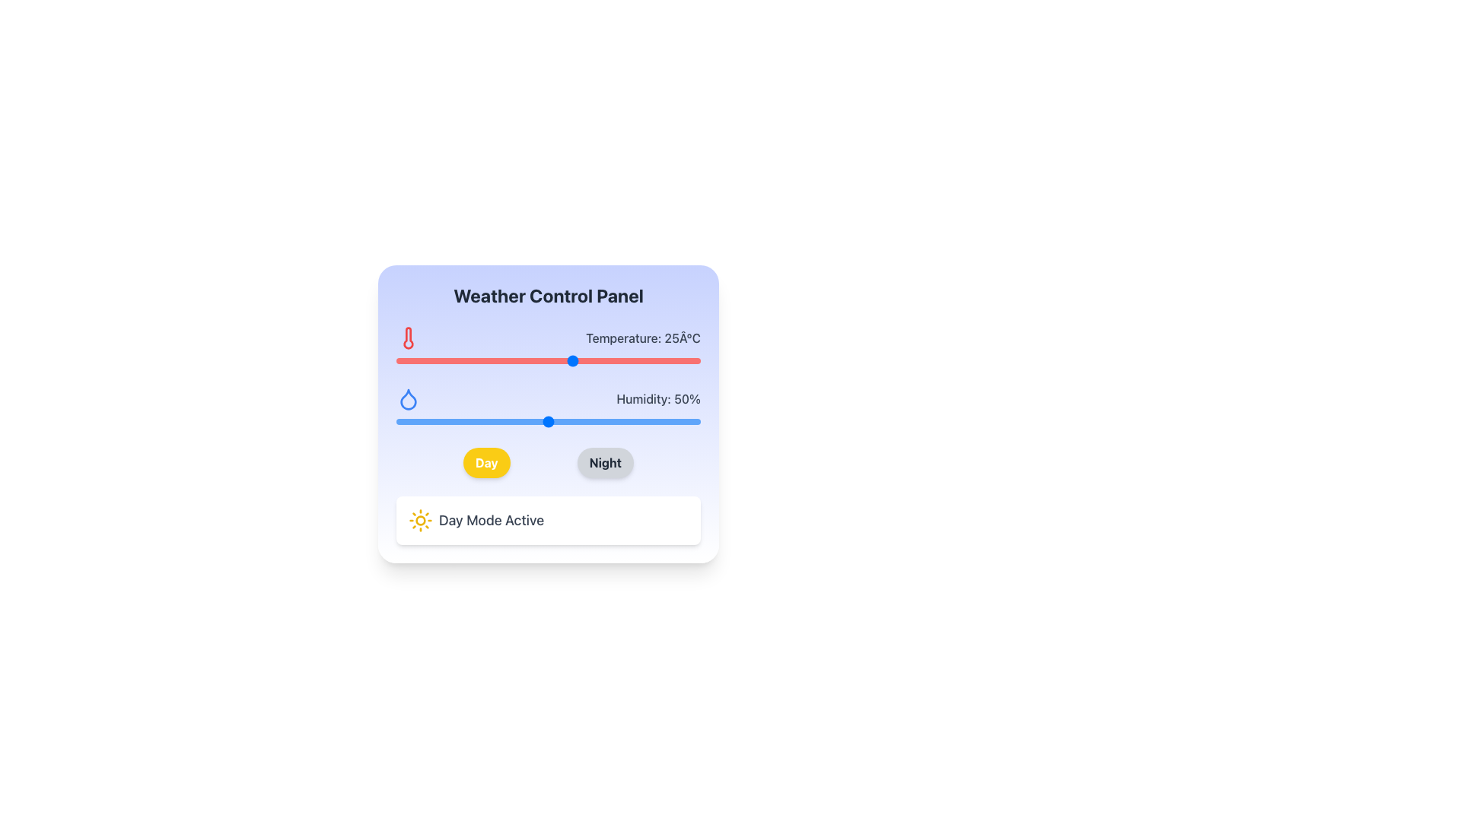  Describe the element at coordinates (584, 422) in the screenshot. I see `humidity` at that location.